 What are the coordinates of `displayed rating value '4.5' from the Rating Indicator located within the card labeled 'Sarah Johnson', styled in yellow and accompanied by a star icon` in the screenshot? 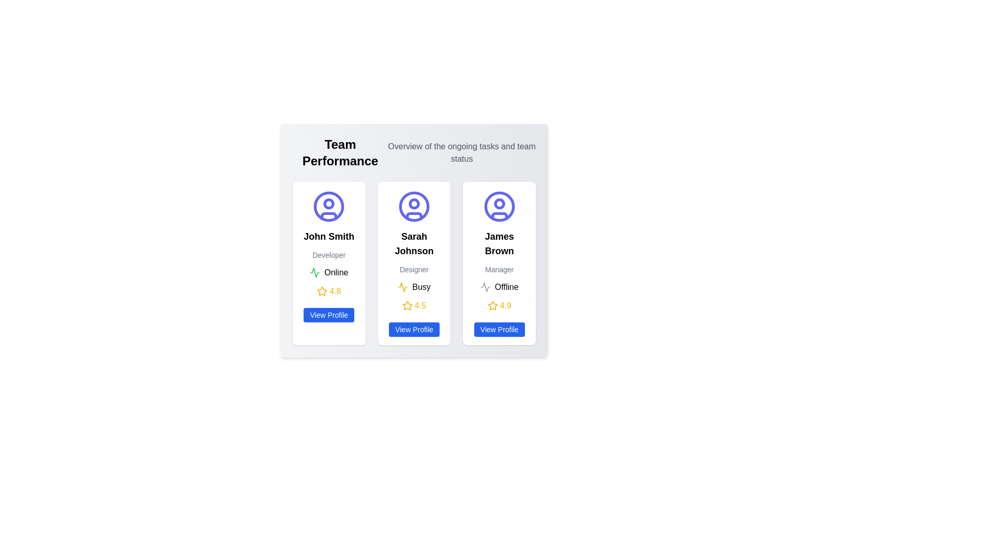 It's located at (414, 305).